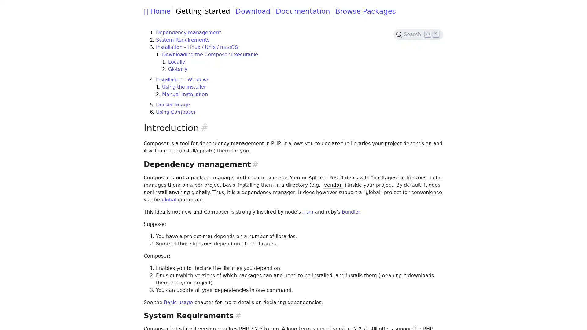 This screenshot has width=587, height=330. Describe the element at coordinates (418, 34) in the screenshot. I see `Search` at that location.